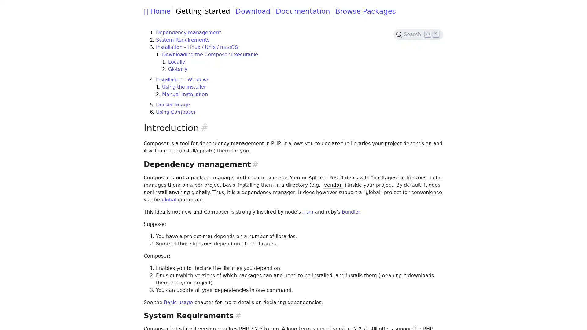 This screenshot has width=587, height=330. Describe the element at coordinates (418, 34) in the screenshot. I see `Search` at that location.